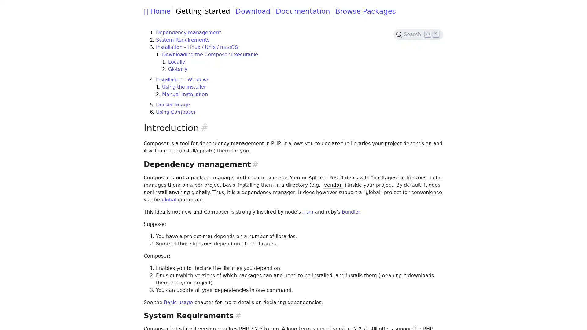 This screenshot has width=587, height=330. Describe the element at coordinates (418, 34) in the screenshot. I see `Search` at that location.